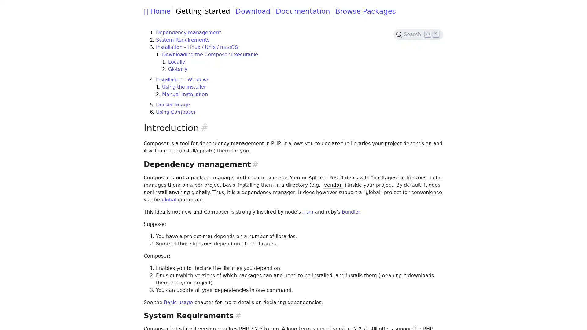 This screenshot has width=587, height=330. Describe the element at coordinates (418, 34) in the screenshot. I see `Search` at that location.